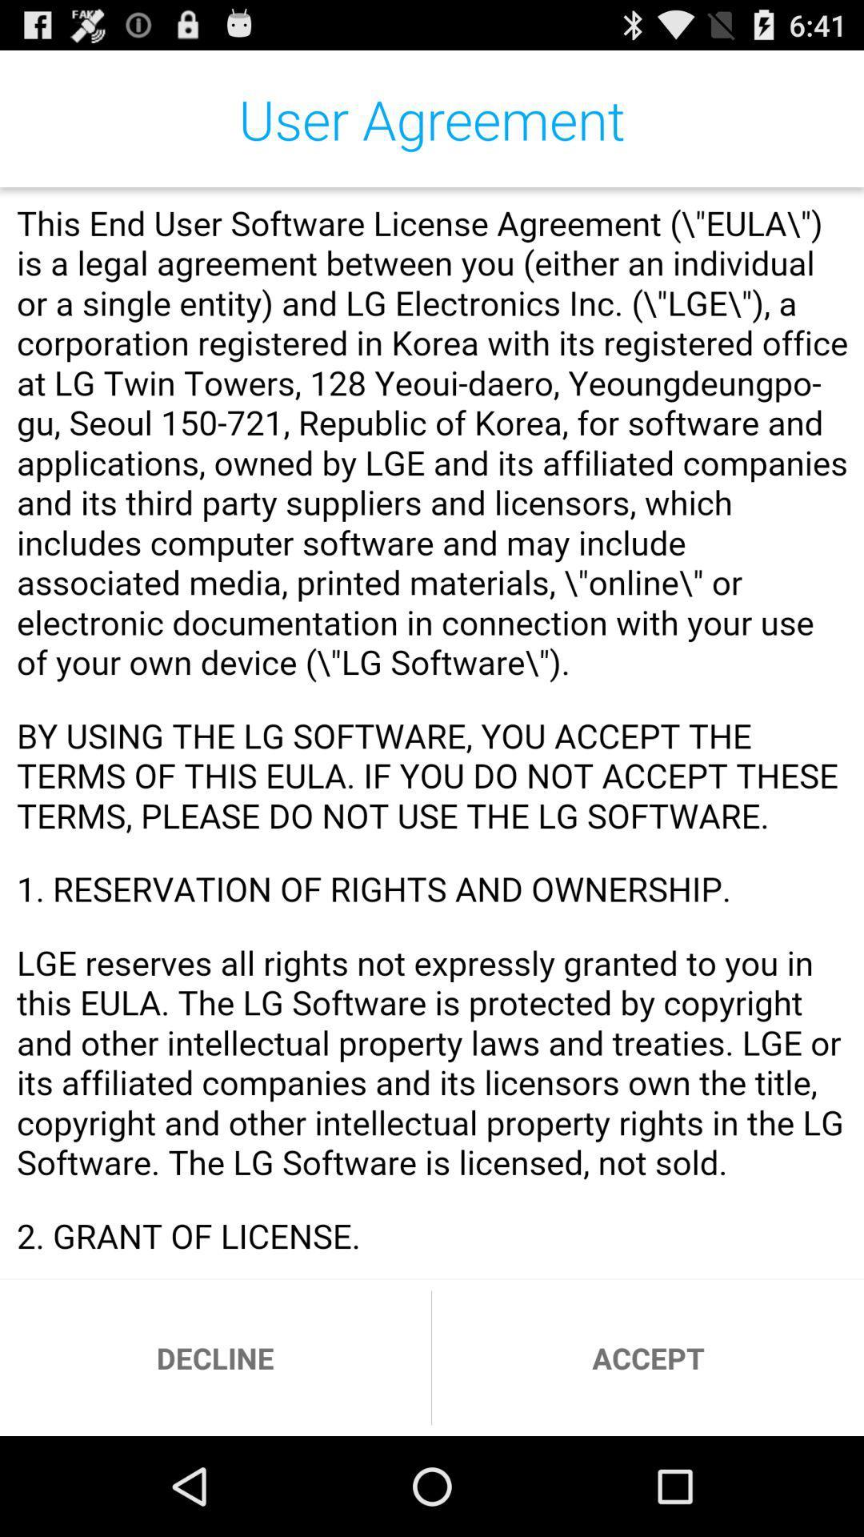 Image resolution: width=864 pixels, height=1537 pixels. Describe the element at coordinates (432, 732) in the screenshot. I see `screen button` at that location.